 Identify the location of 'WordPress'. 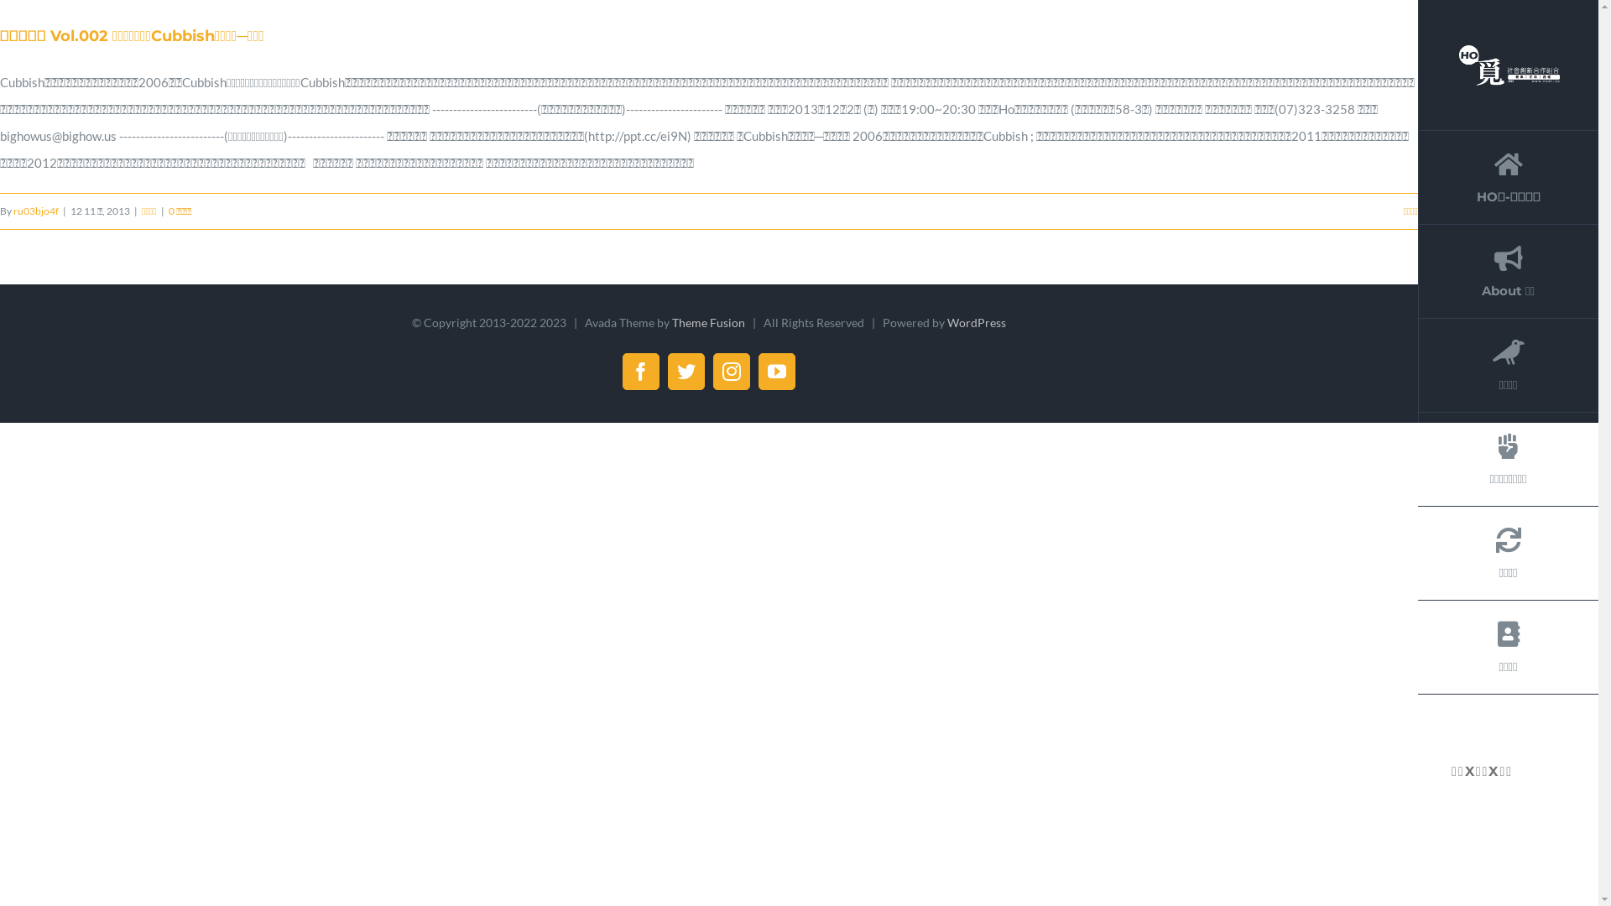
(976, 322).